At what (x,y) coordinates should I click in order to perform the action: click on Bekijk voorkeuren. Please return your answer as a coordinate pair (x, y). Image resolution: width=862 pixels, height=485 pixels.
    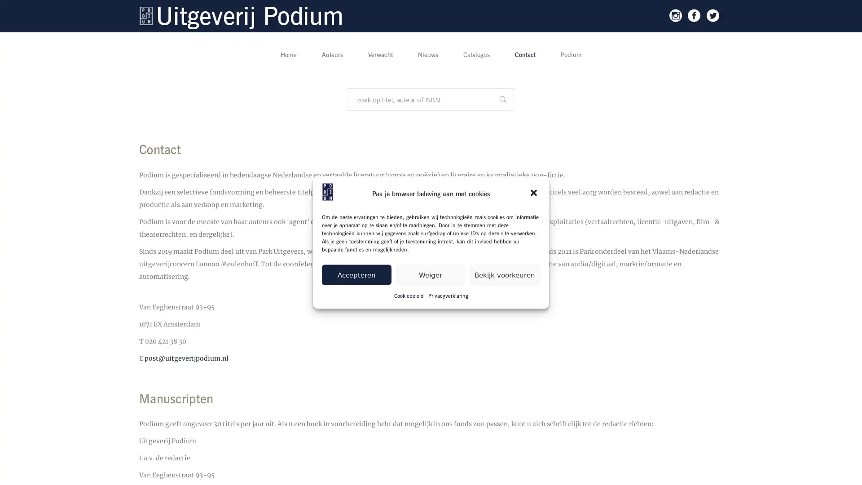
    Looking at the image, I should click on (505, 274).